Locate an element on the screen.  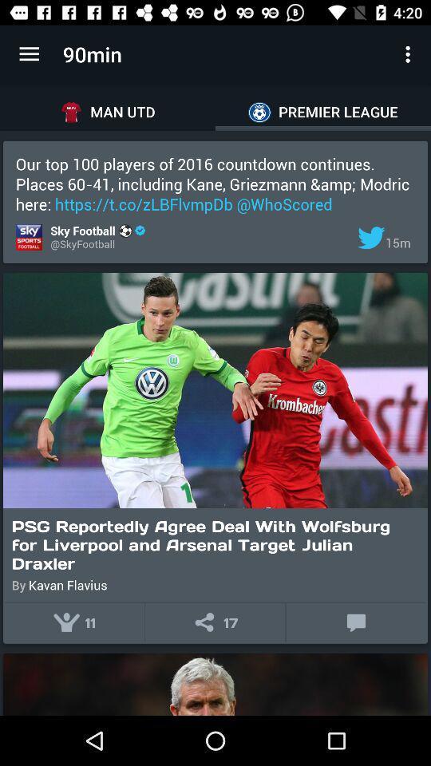
the item to the right of the 90min app is located at coordinates (409, 54).